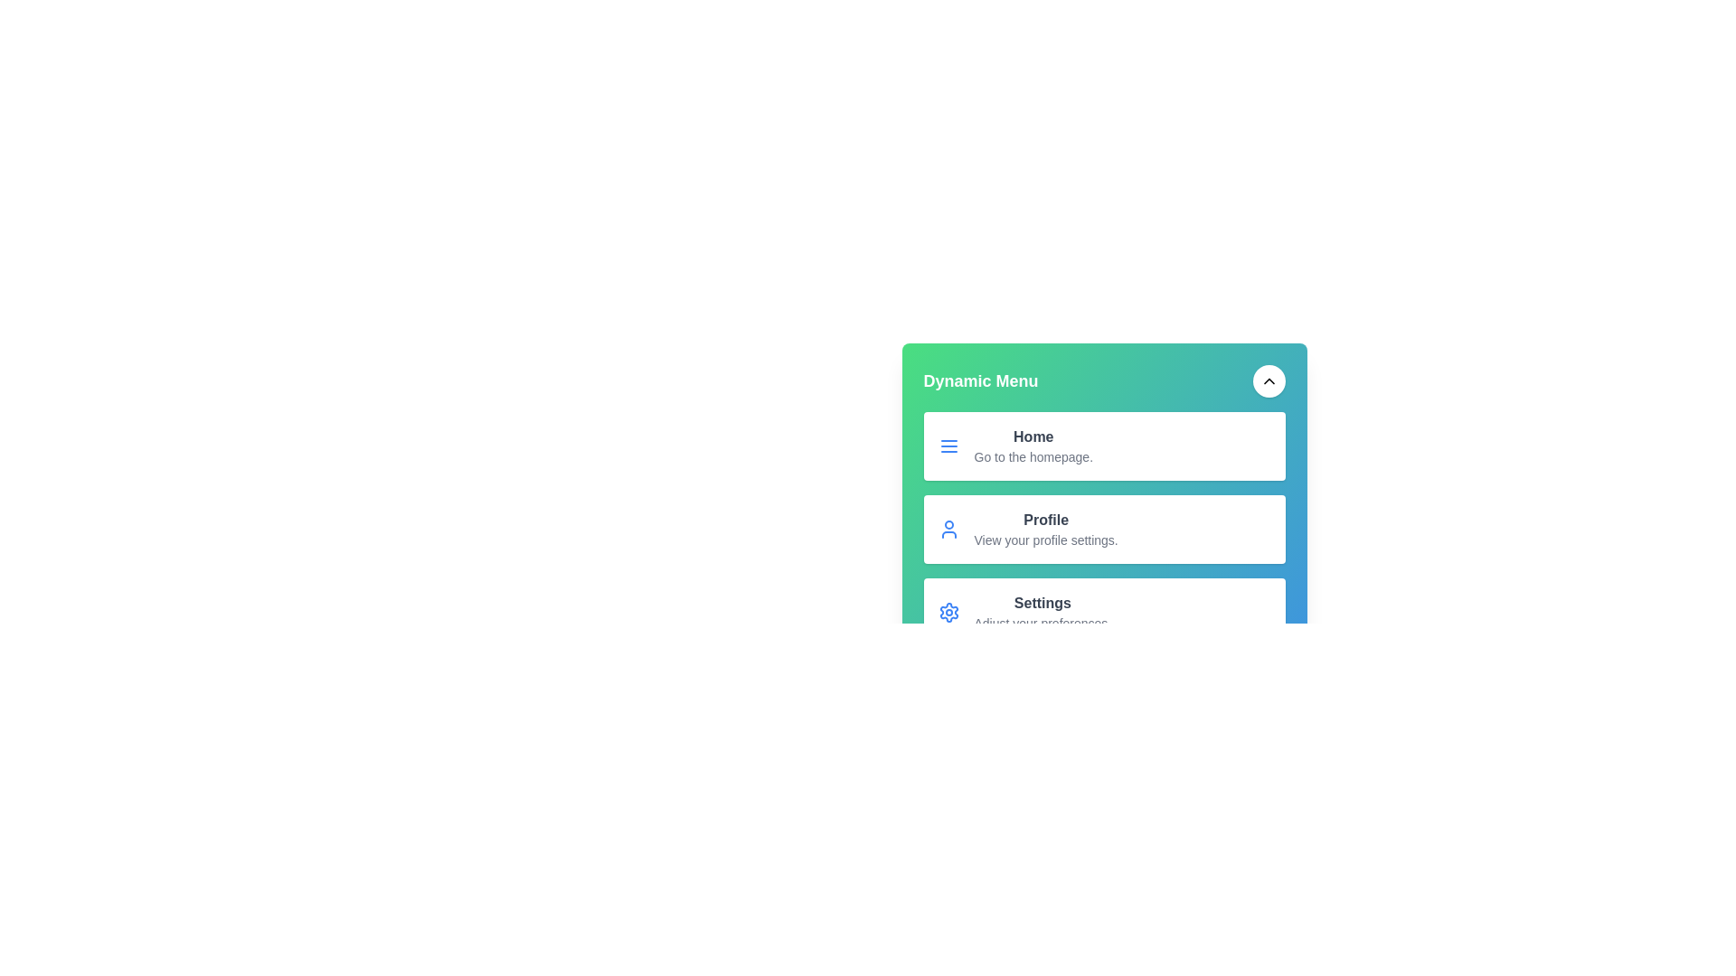 The image size is (1736, 976). Describe the element at coordinates (1033, 446) in the screenshot. I see `the topmost navigation Text label under the 'Dynamic Menu' header to redirect users to the homepage` at that location.